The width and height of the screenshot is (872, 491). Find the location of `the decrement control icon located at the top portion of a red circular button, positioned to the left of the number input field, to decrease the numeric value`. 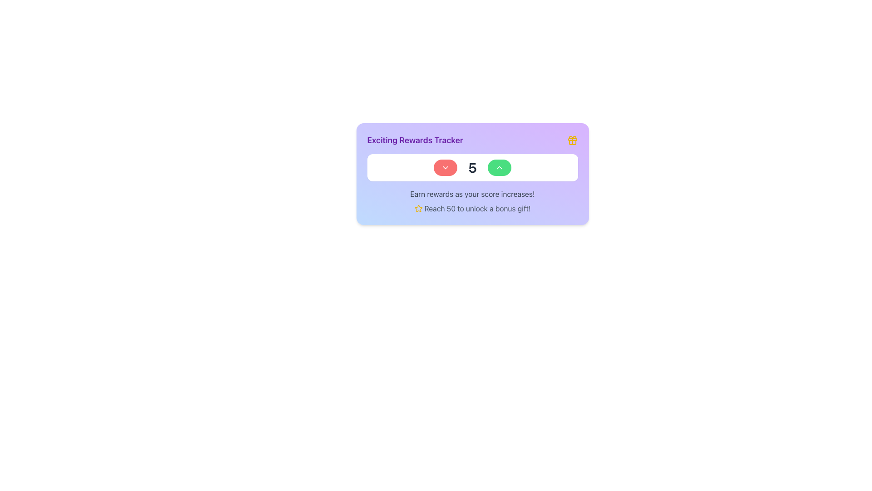

the decrement control icon located at the top portion of a red circular button, positioned to the left of the number input field, to decrease the numeric value is located at coordinates (446, 168).